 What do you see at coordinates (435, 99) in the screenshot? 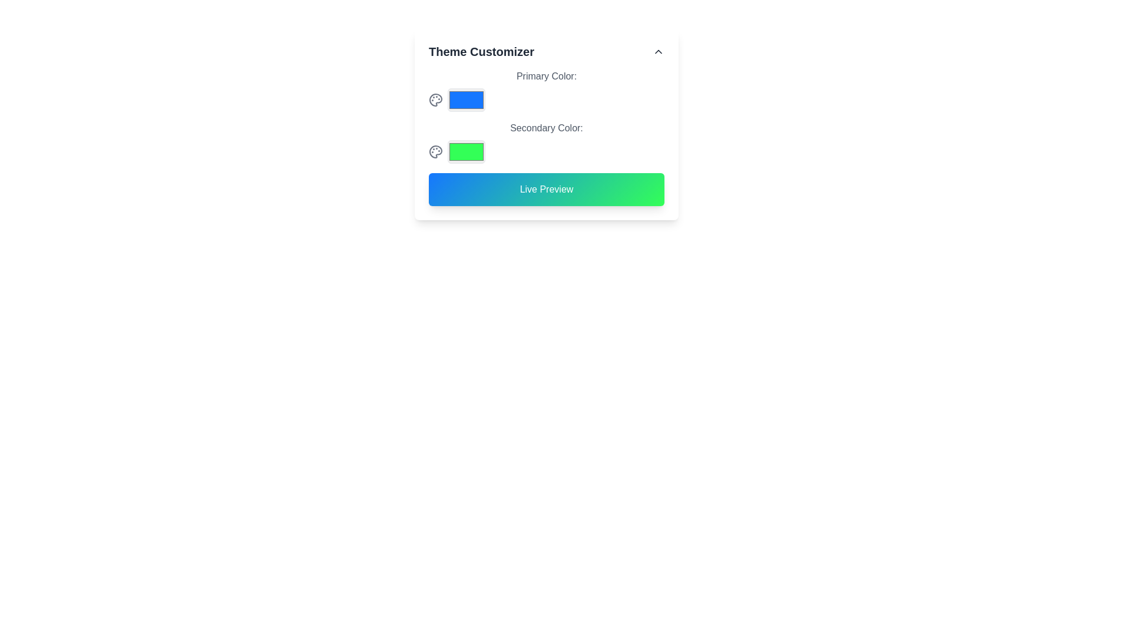
I see `the first icon in the 'Theme Customizer' section that represents the 'Primary Color' selection functionality` at bounding box center [435, 99].